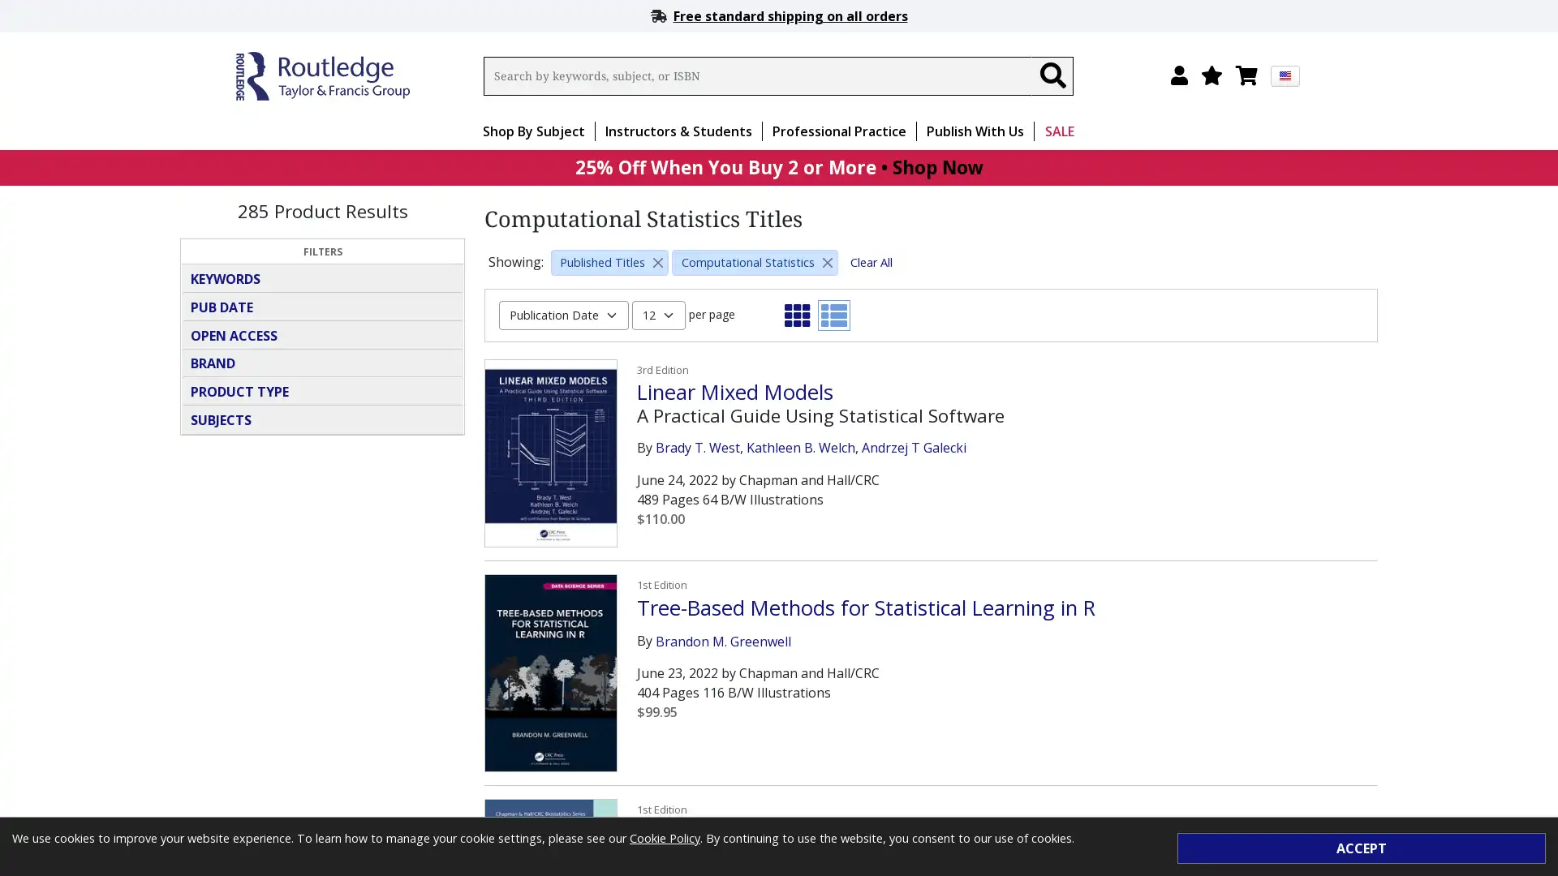  Describe the element at coordinates (827, 261) in the screenshot. I see `Remove Computational Statistics subject filter` at that location.